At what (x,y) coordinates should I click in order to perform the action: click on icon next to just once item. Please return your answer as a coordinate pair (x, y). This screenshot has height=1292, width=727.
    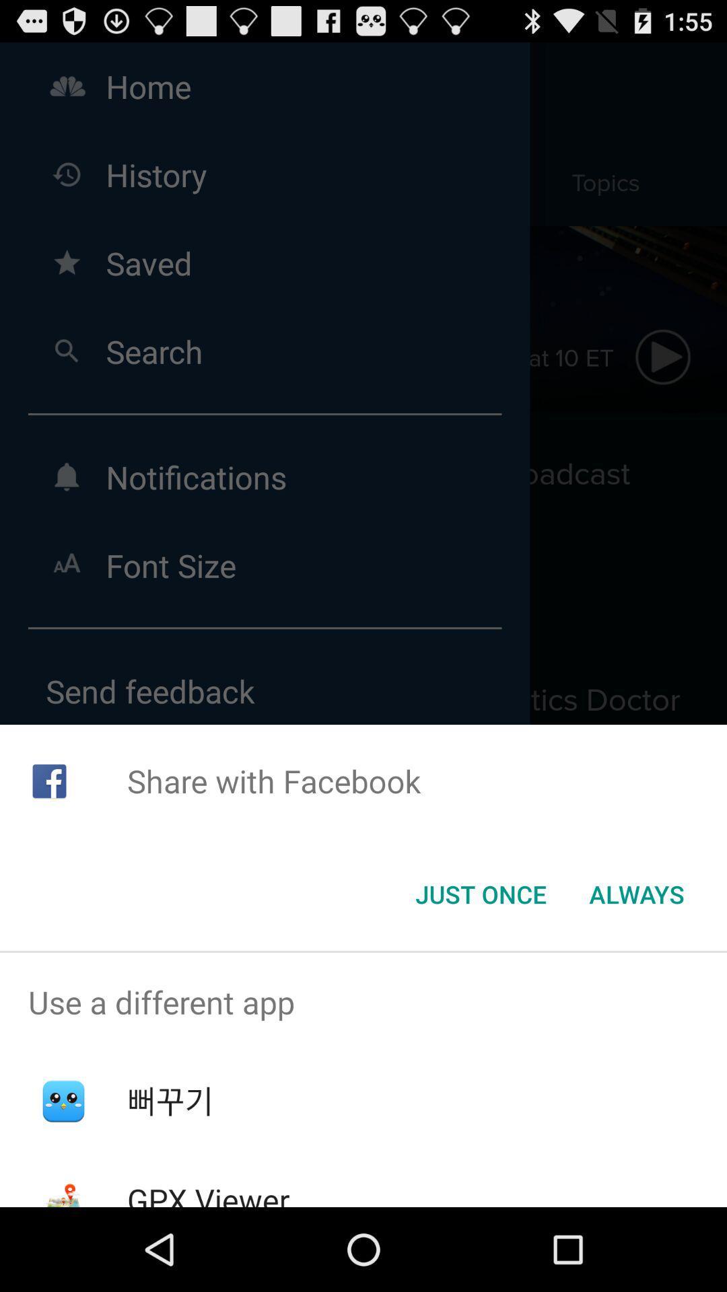
    Looking at the image, I should click on (636, 894).